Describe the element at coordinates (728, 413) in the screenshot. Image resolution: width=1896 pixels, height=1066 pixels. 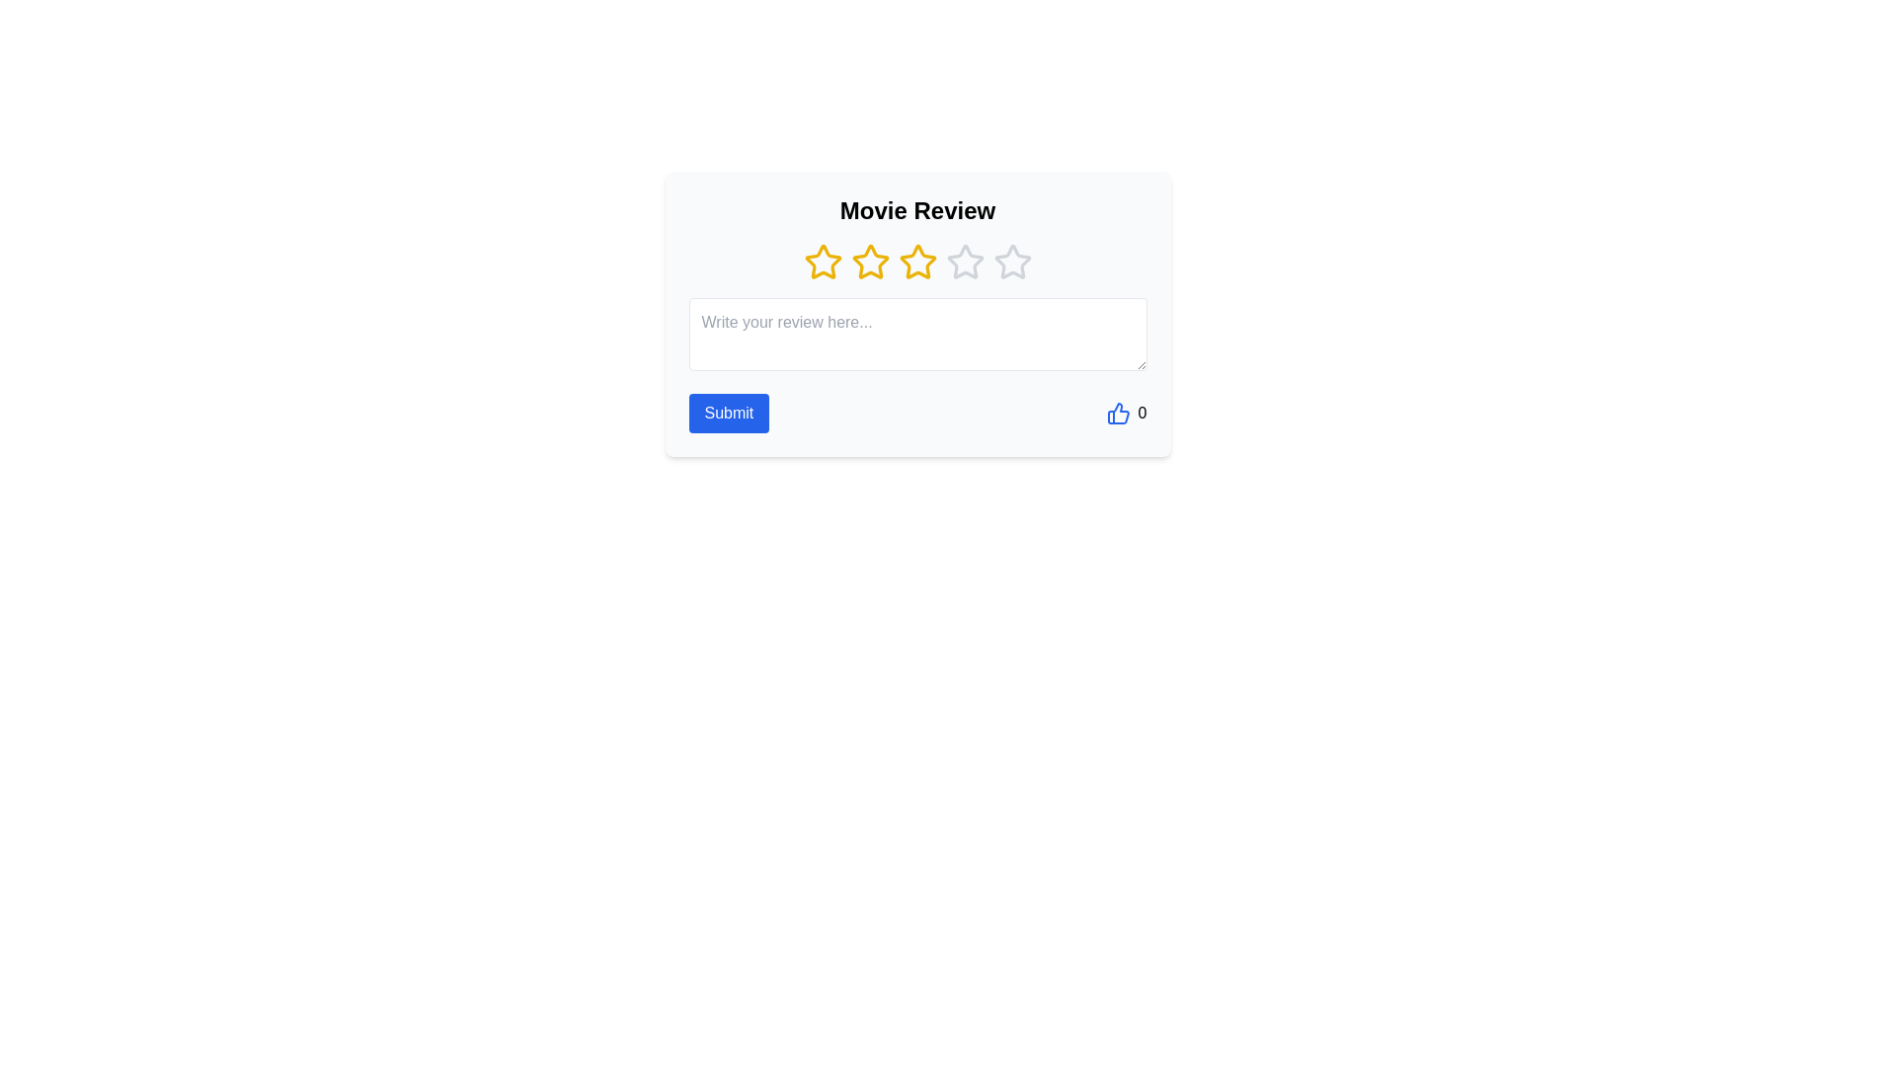
I see `the 'Submit' button to submit the review` at that location.